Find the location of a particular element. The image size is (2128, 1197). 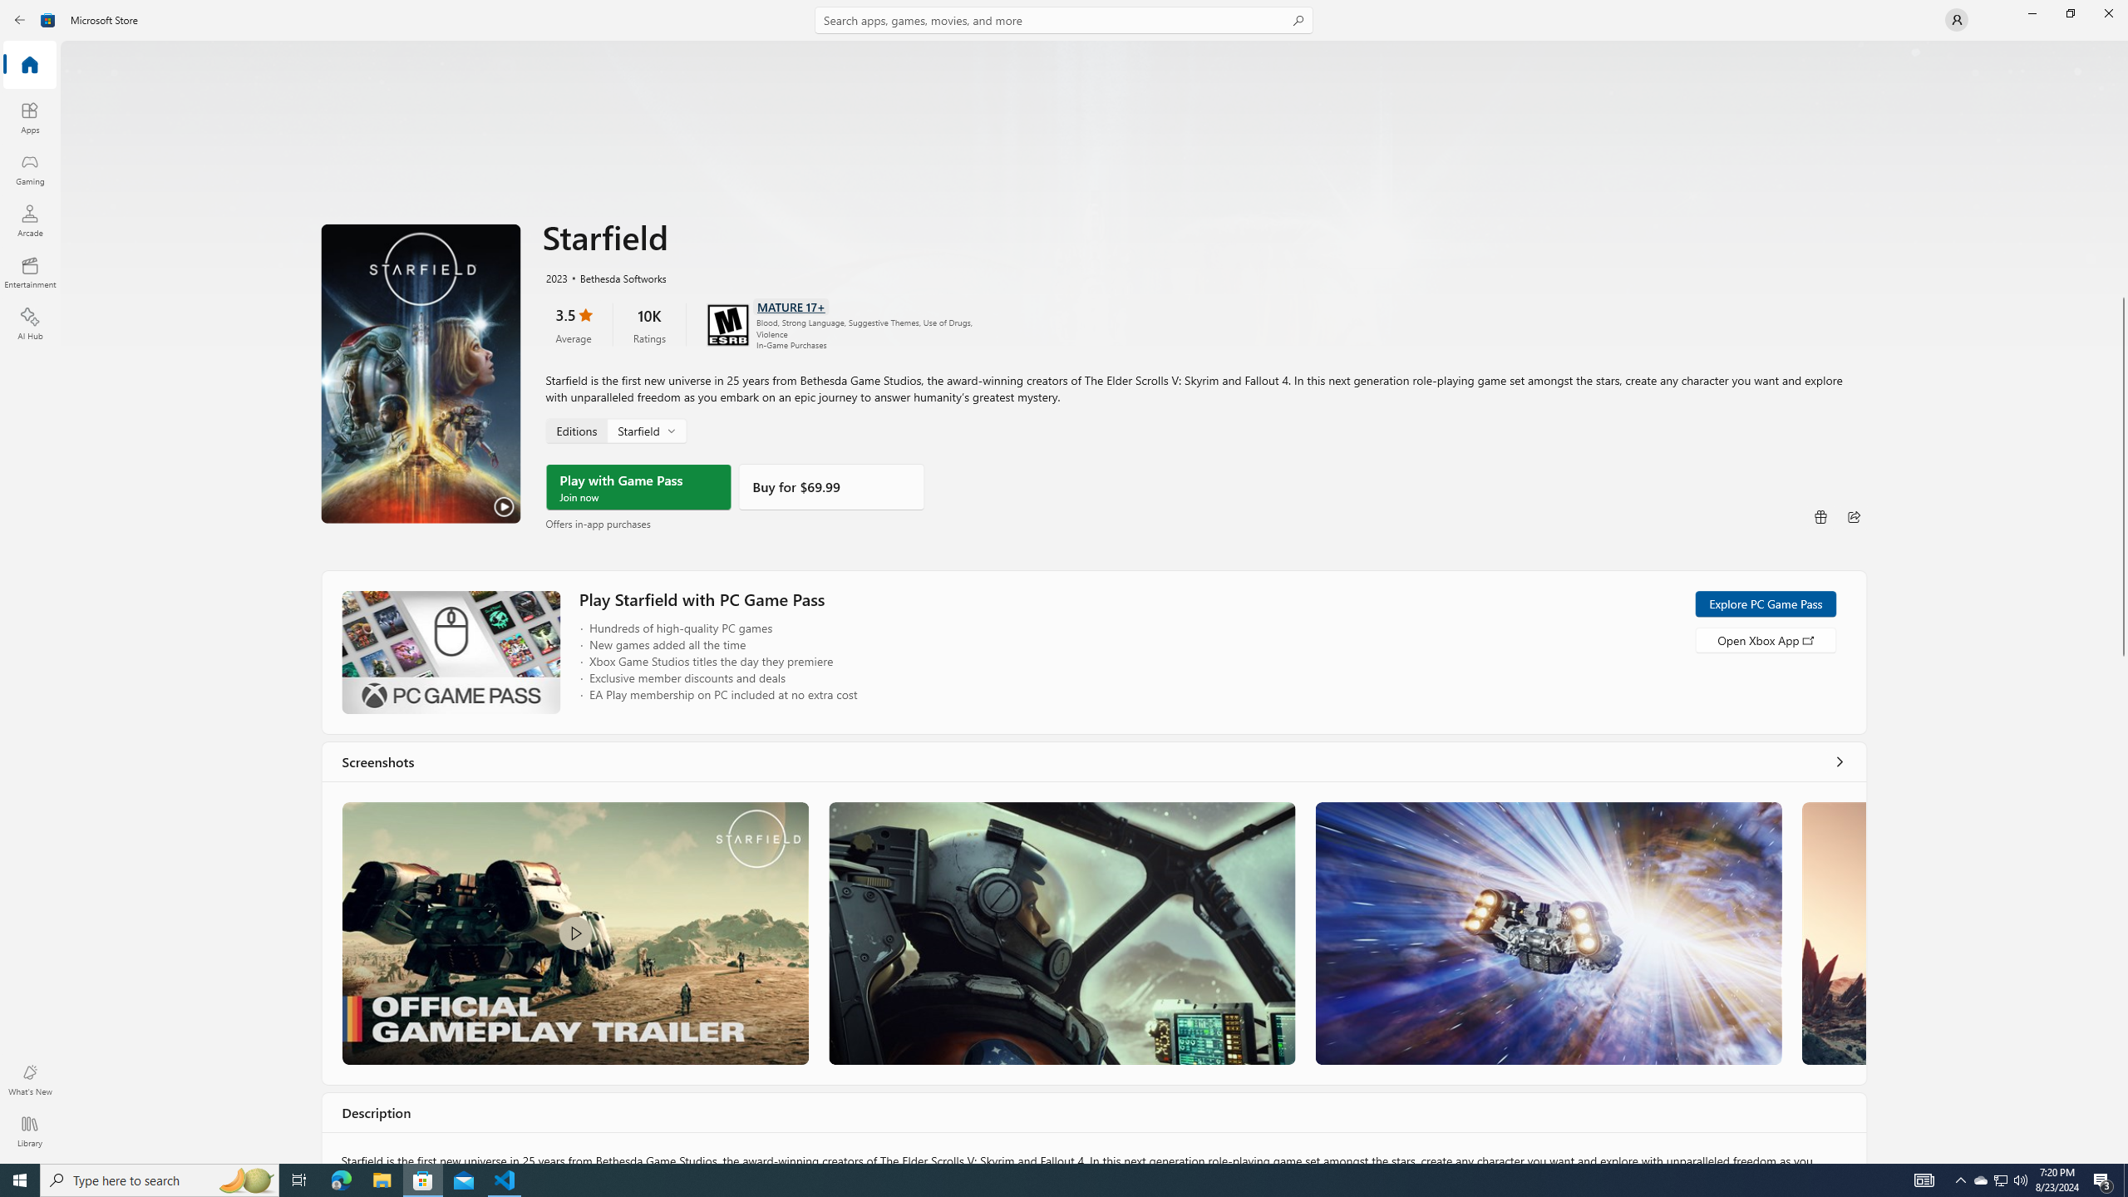

'Minimize Microsoft Store' is located at coordinates (2031, 12).